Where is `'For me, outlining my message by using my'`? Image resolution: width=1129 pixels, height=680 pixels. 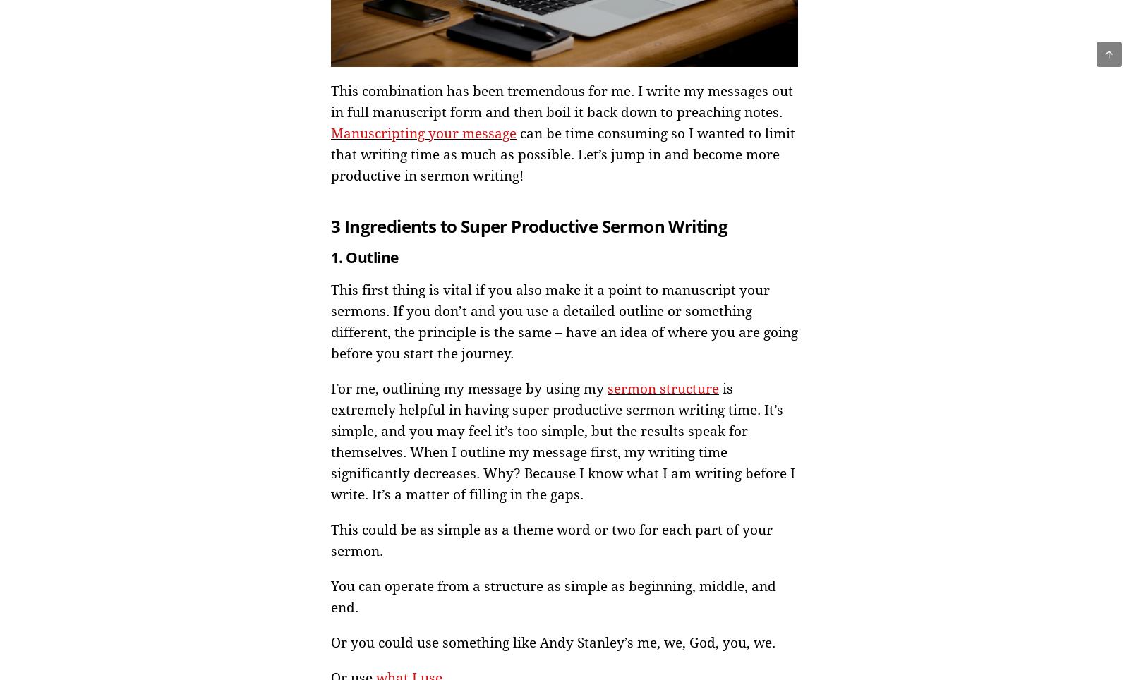
'For me, outlining my message by using my' is located at coordinates (330, 389).